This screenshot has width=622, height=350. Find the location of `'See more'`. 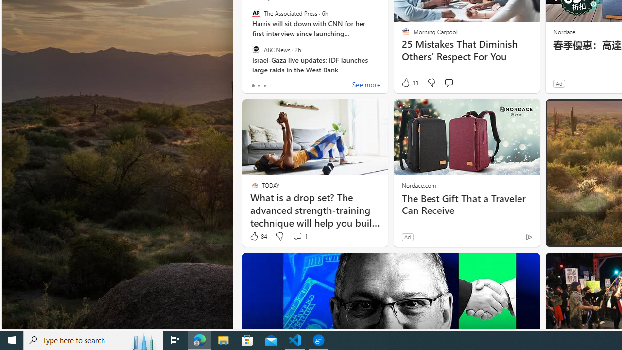

'See more' is located at coordinates (365, 85).